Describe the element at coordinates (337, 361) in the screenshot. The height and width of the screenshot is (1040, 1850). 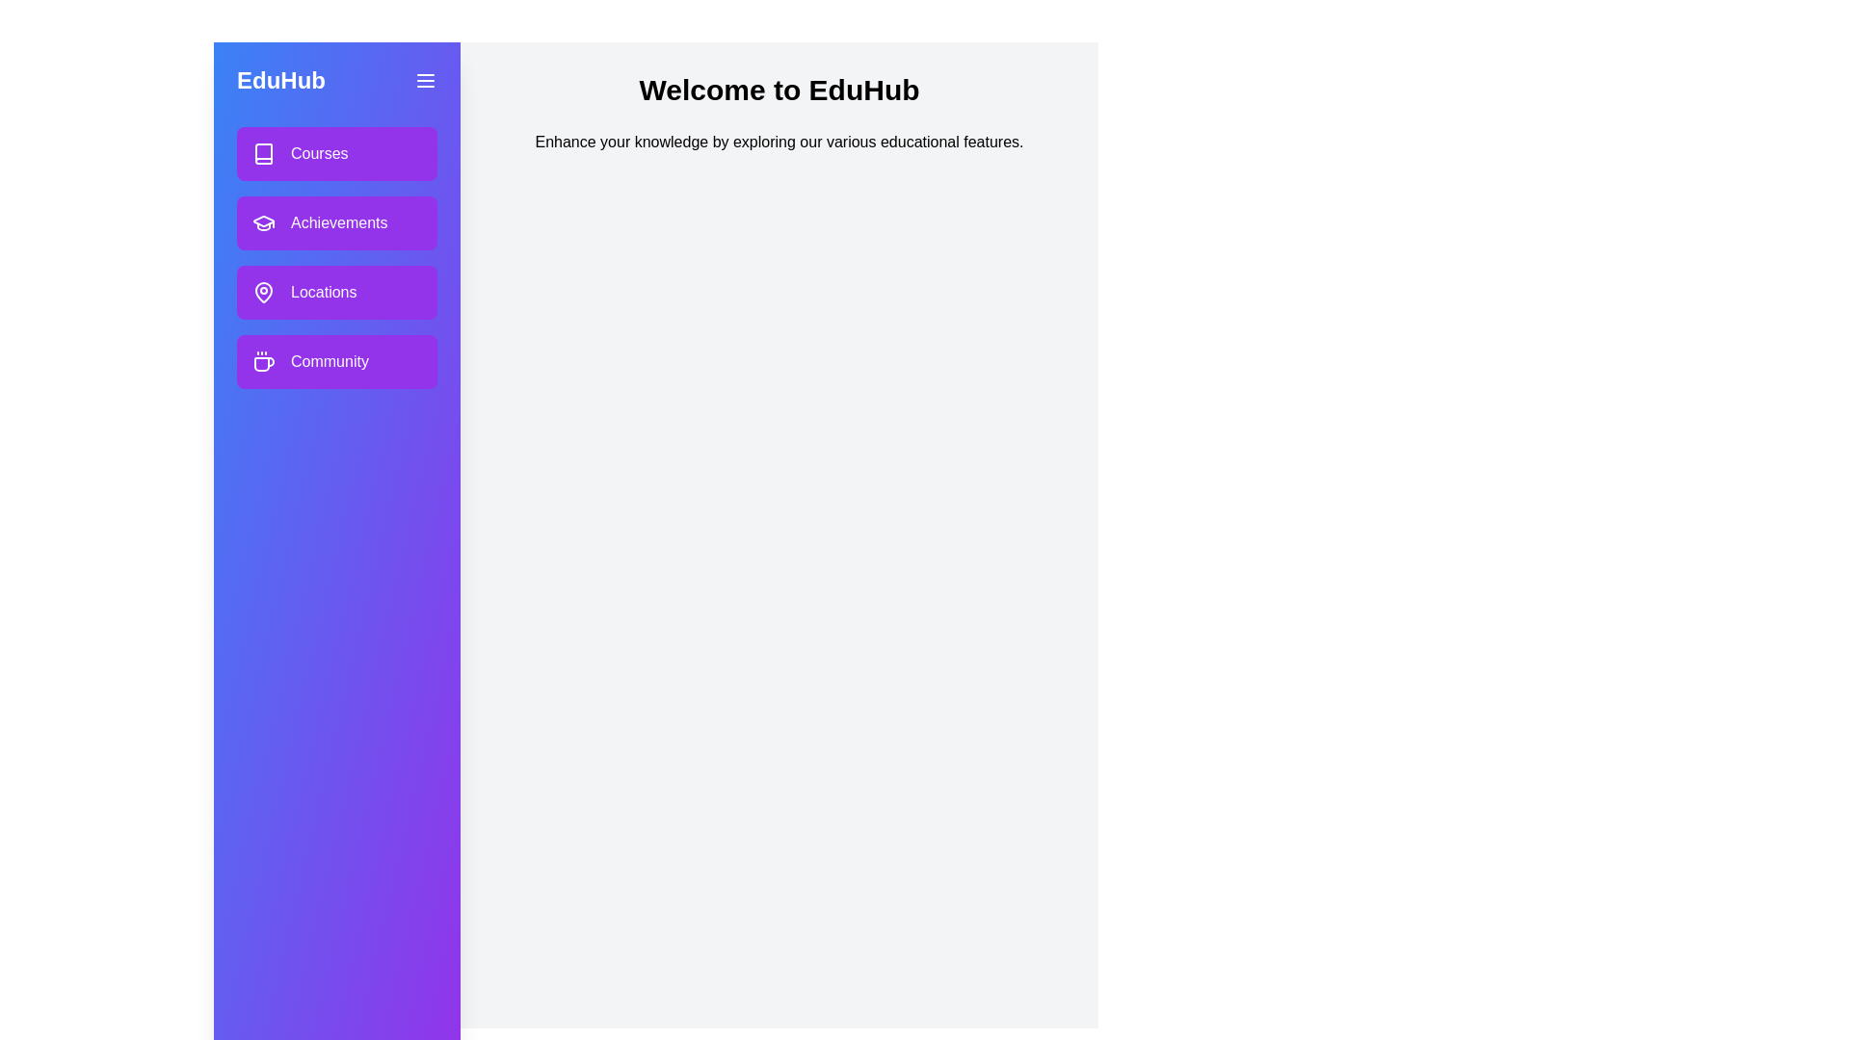
I see `the section Community in the drawer` at that location.